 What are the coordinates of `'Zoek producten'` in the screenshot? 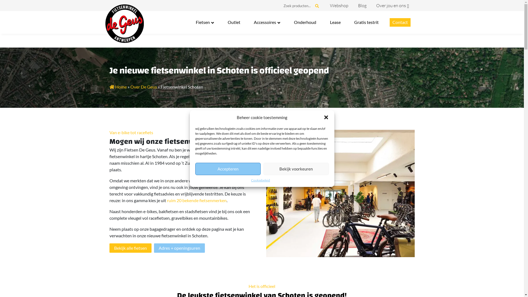 It's located at (297, 6).